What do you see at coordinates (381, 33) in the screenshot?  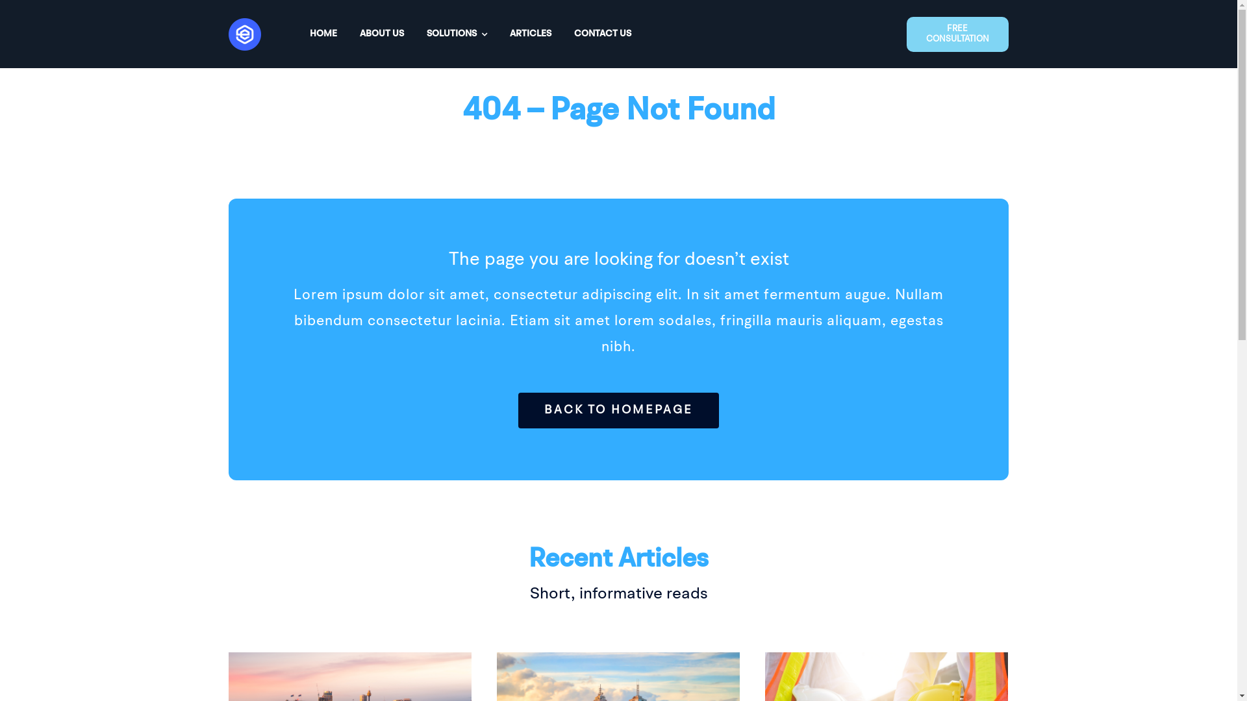 I see `'ABOUT US'` at bounding box center [381, 33].